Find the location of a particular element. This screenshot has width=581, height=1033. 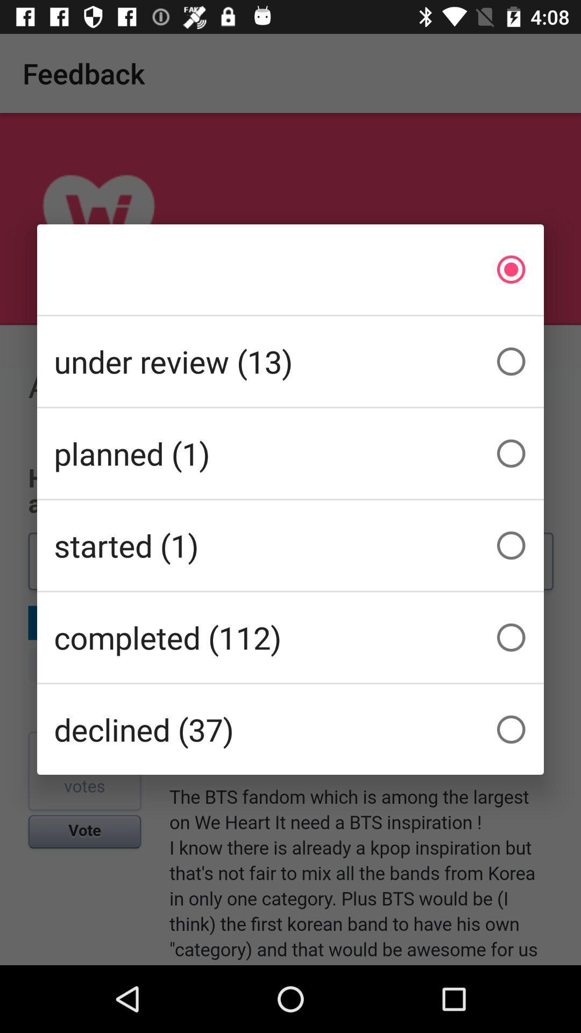

planned (1) item is located at coordinates (290, 454).